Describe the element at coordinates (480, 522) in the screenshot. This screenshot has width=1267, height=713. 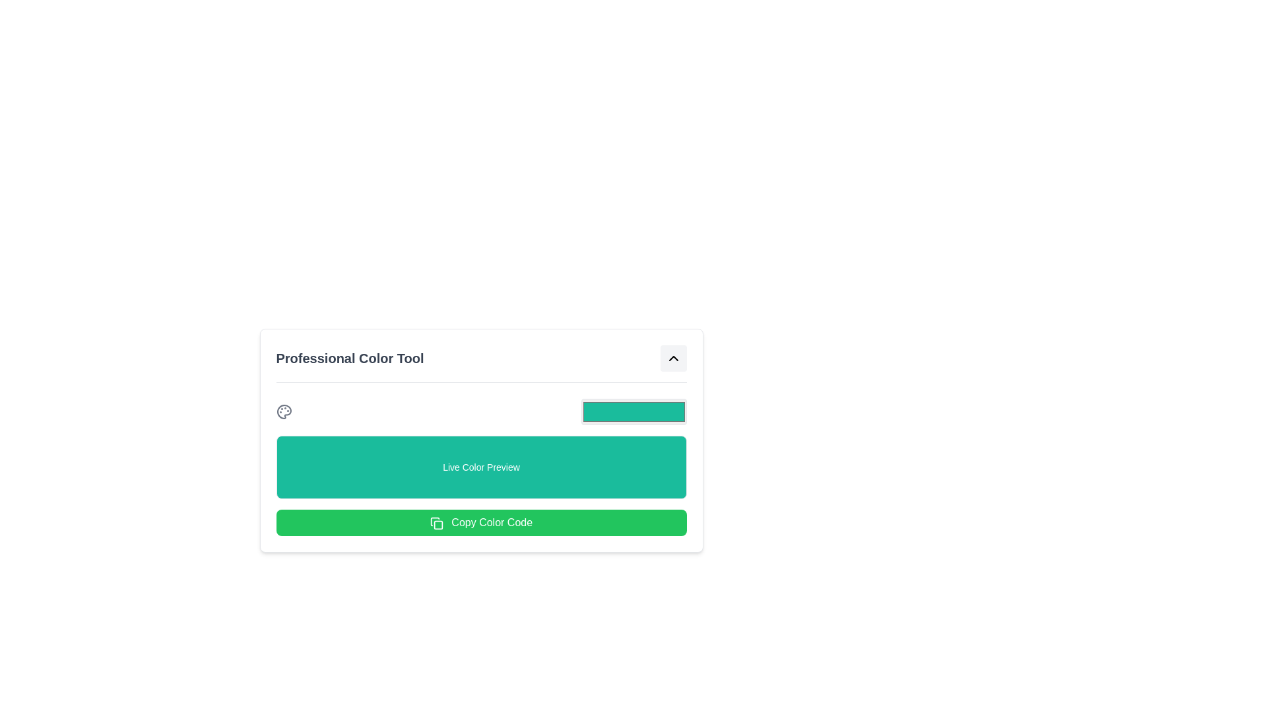
I see `the 'Copy Color Code' button, which is a horizontally extended rectangular button with a green background and white text, located below the 'Live Color Preview' panel` at that location.